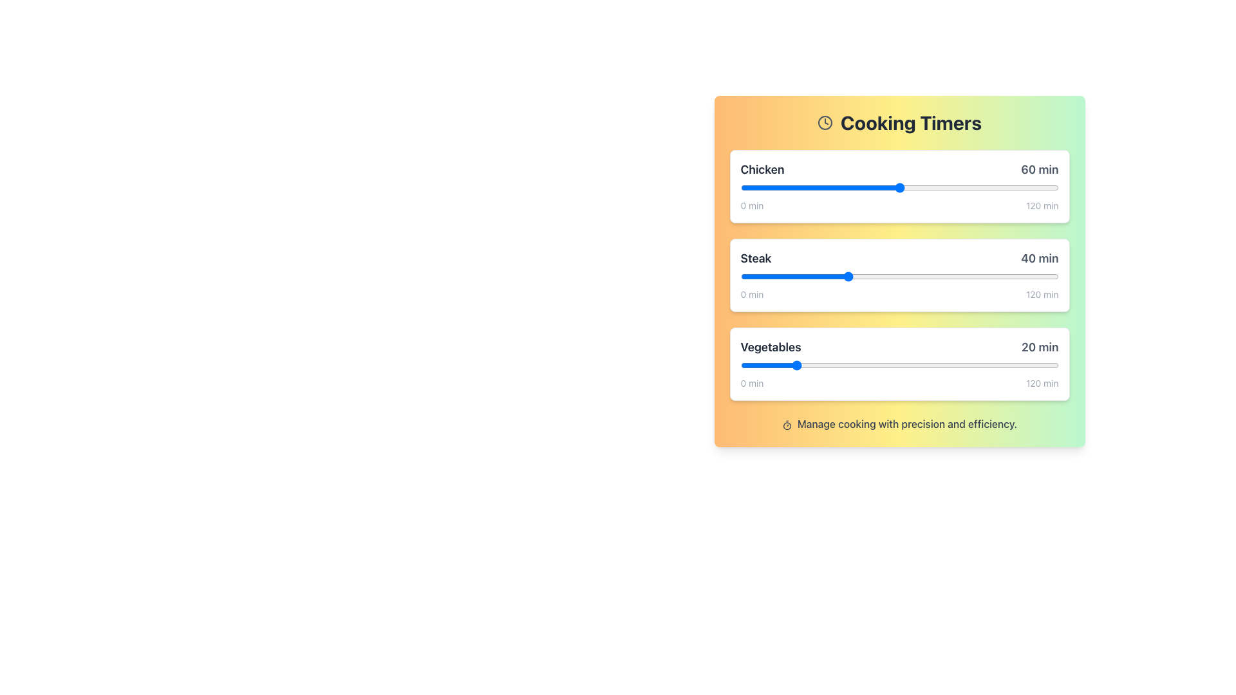 The width and height of the screenshot is (1236, 695). I want to click on the cooking timer for the chicken, so click(795, 188).